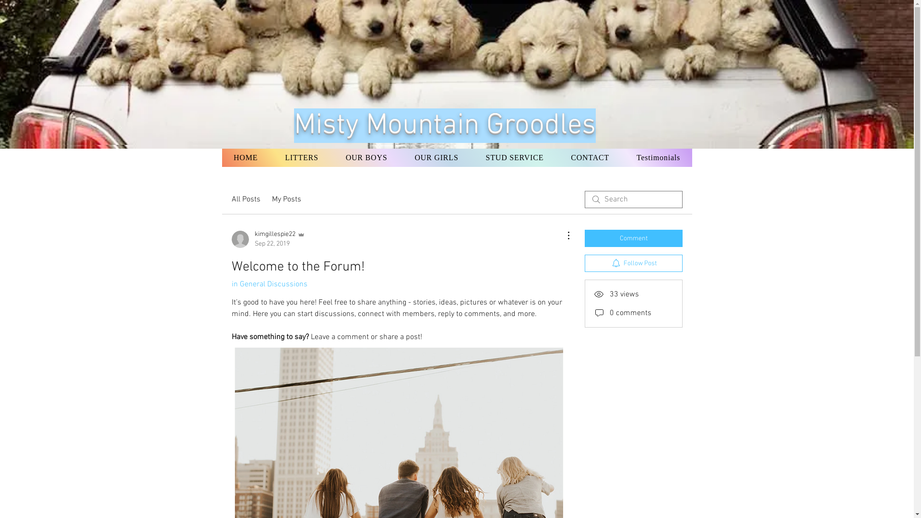 The image size is (921, 518). I want to click on 'in General Discussions', so click(269, 284).